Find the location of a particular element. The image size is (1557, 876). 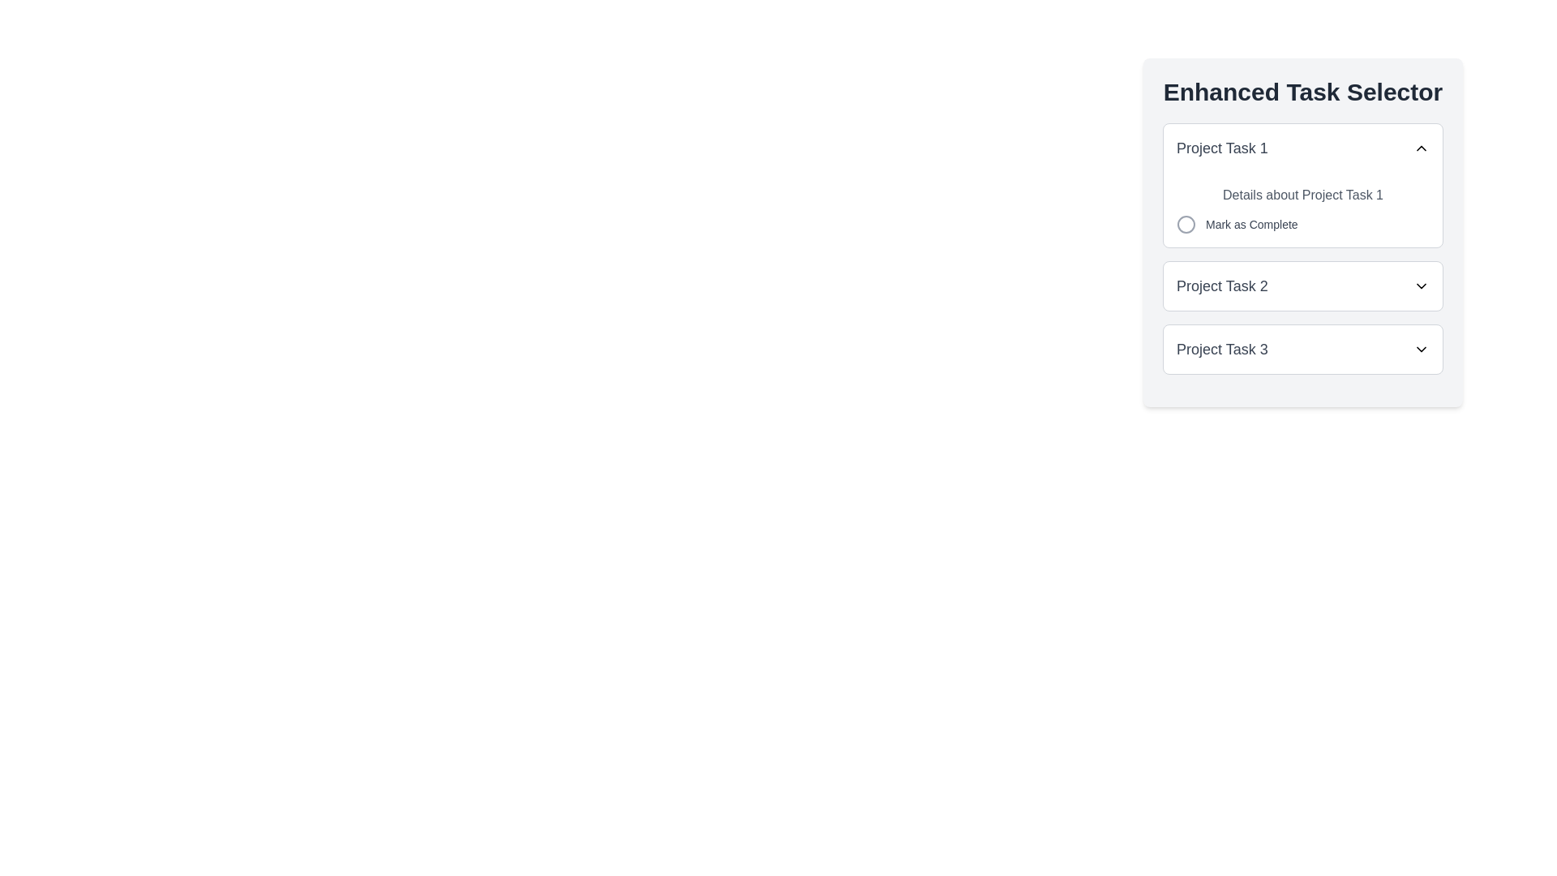

the 'Mark as Complete' button located within the expanded 'Project Task 1' section of the 'Enhanced Task Selector' panel, which has a white background and rounded corners is located at coordinates (1303, 232).